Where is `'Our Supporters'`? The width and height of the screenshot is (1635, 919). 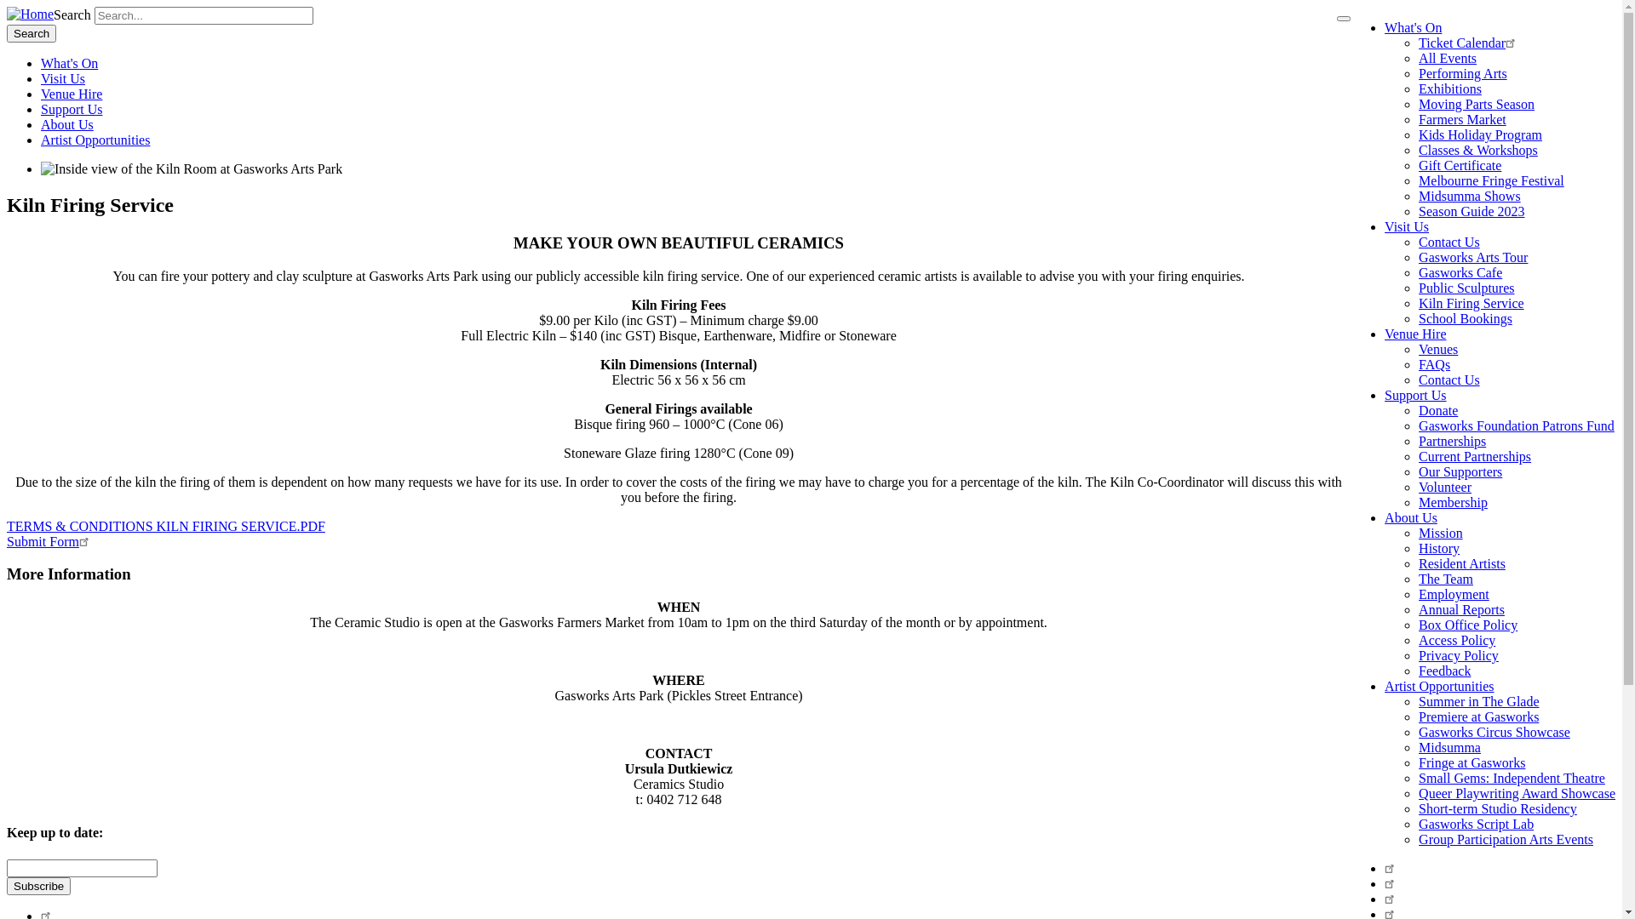 'Our Supporters' is located at coordinates (1459, 471).